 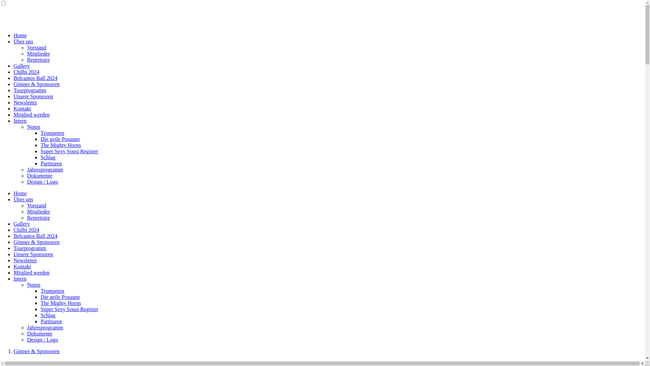 I want to click on 'Mitglied werden', so click(x=13, y=272).